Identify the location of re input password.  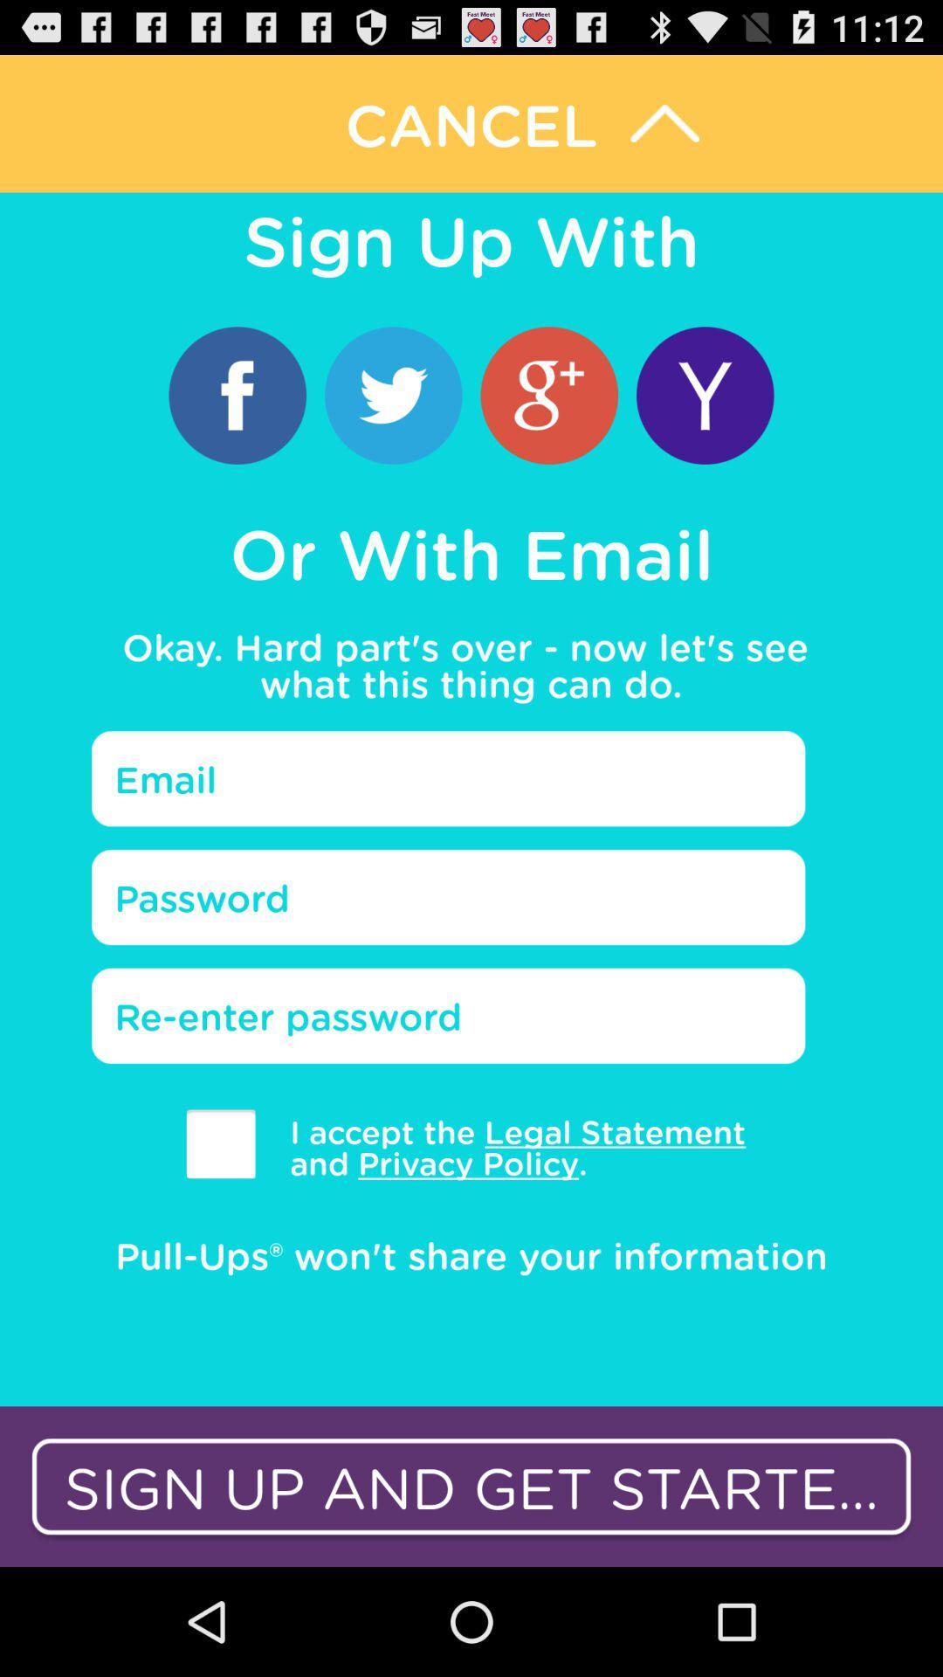
(447, 1016).